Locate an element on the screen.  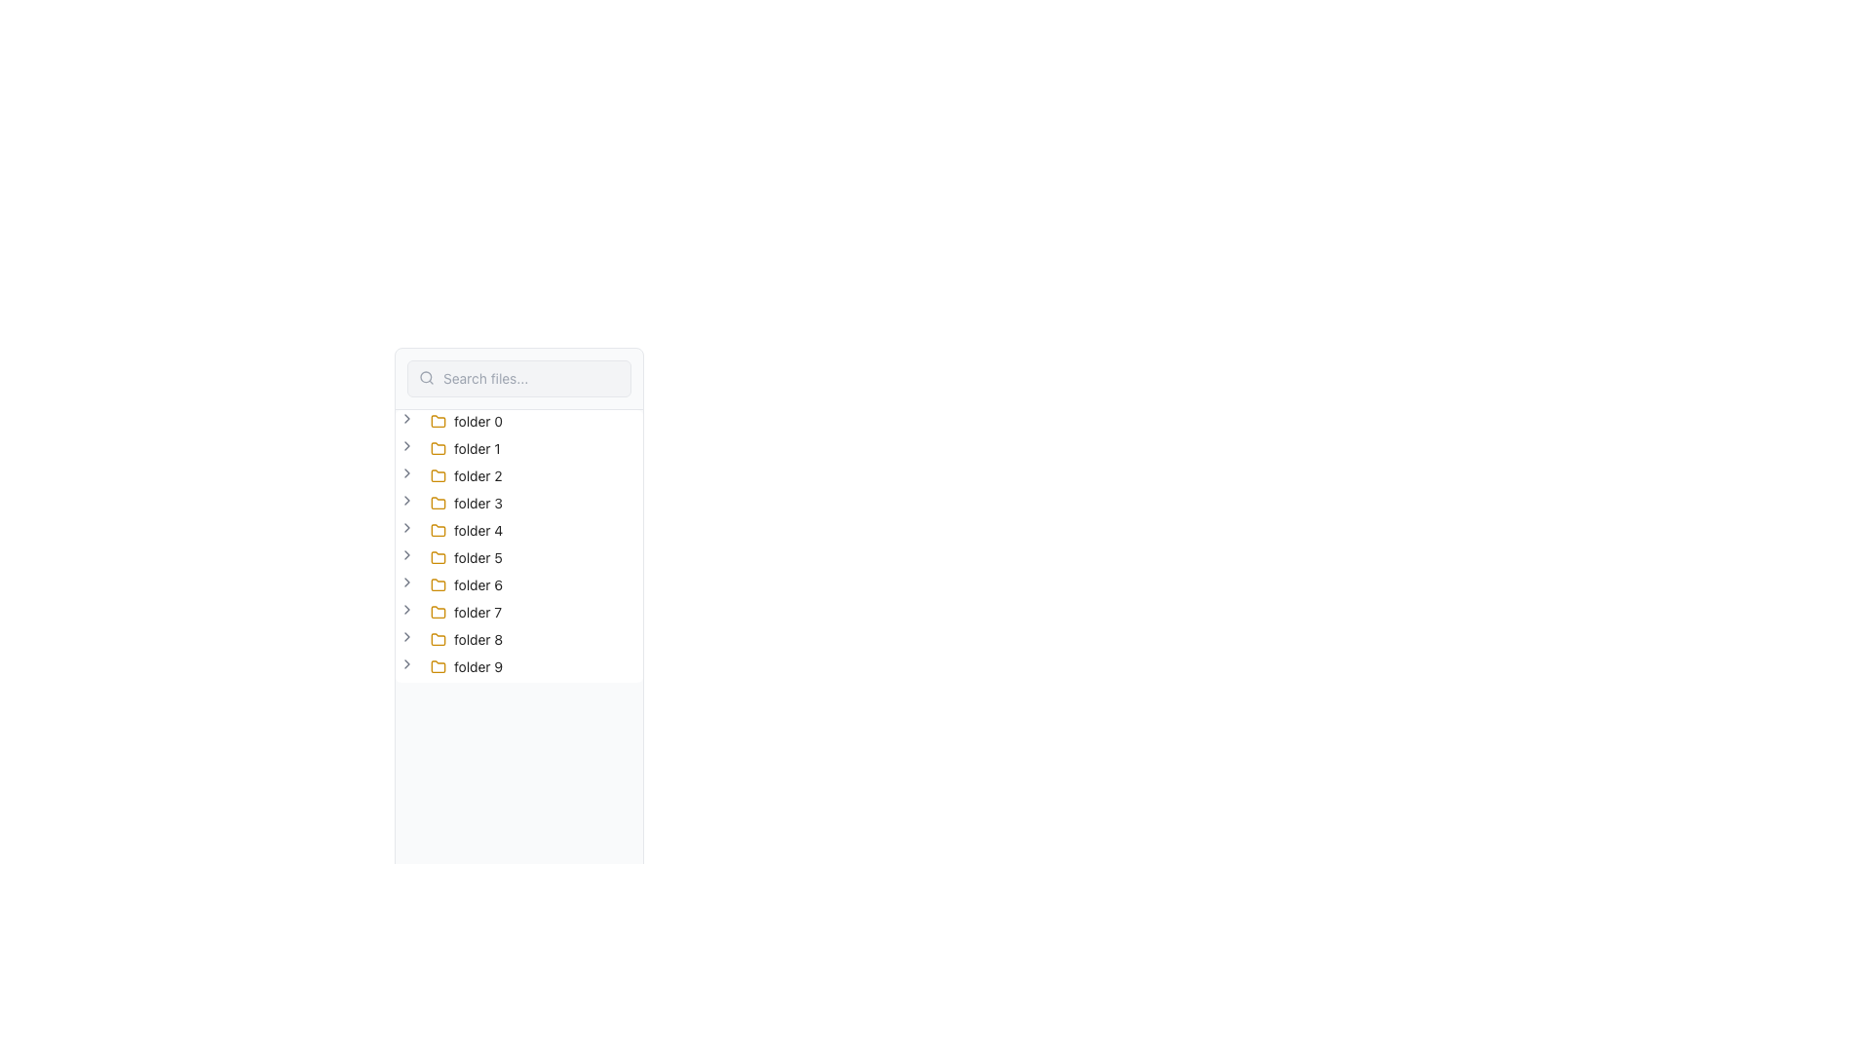
the toggler button for the tree item labeled 'folder 9' is located at coordinates (405, 666).